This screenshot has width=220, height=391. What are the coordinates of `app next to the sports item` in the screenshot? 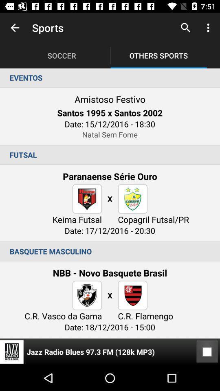 It's located at (15, 28).